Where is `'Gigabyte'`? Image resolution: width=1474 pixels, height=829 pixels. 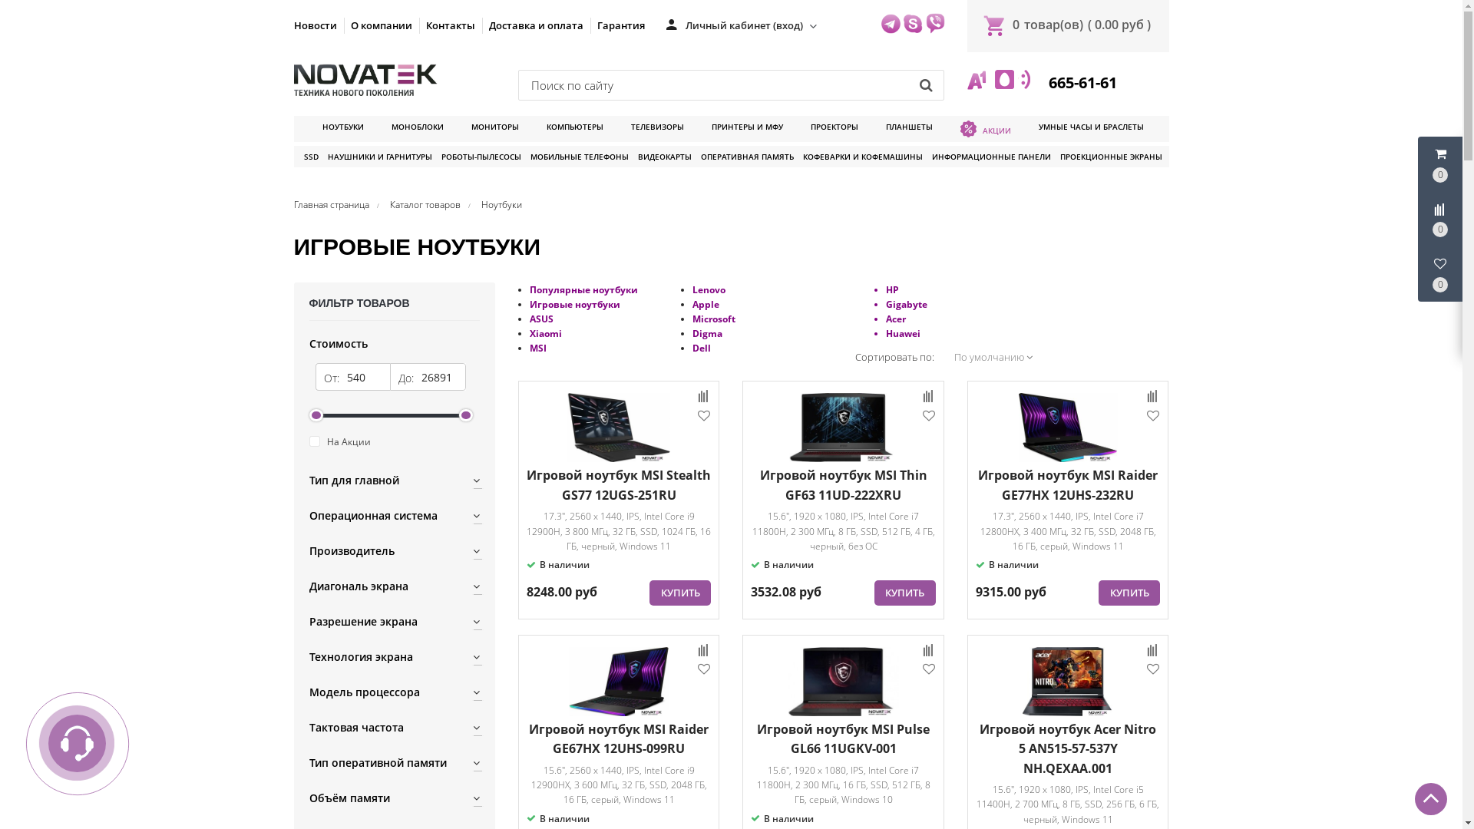
'Gigabyte' is located at coordinates (906, 304).